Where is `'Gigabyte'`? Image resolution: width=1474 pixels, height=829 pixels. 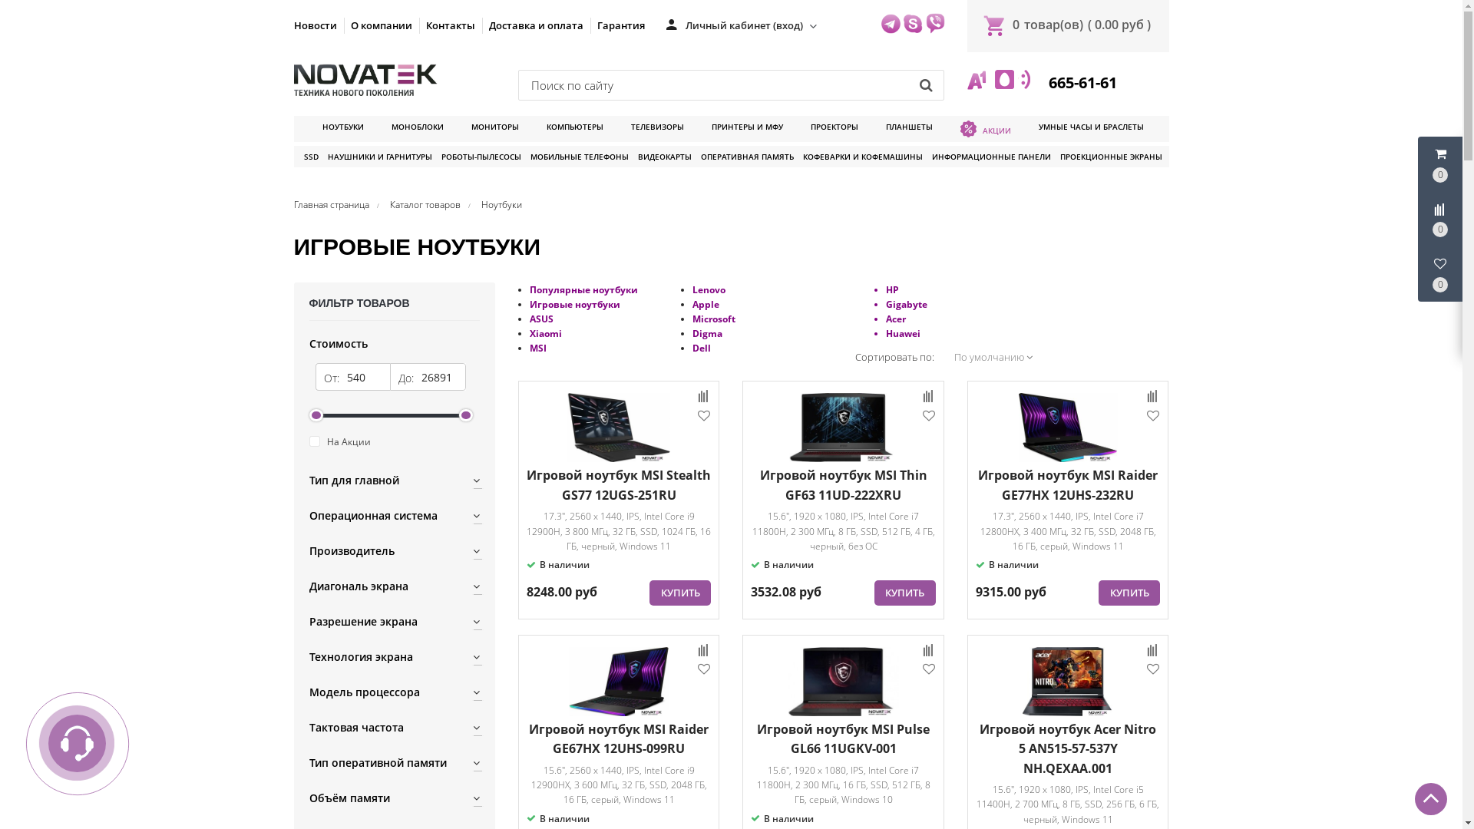
'Gigabyte' is located at coordinates (906, 304).